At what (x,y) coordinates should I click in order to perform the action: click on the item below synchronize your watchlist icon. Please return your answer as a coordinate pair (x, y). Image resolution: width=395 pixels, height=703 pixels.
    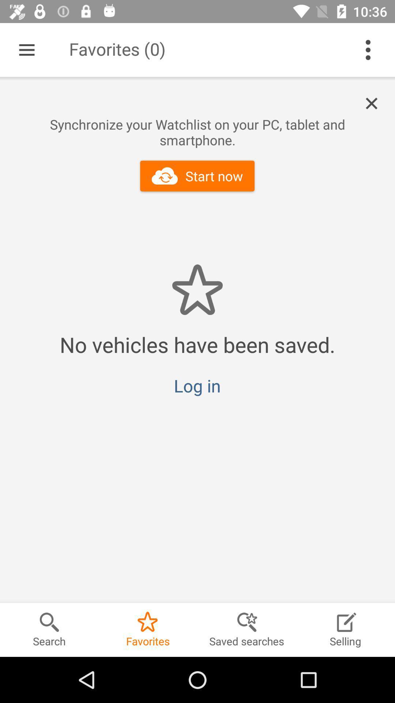
    Looking at the image, I should click on (197, 176).